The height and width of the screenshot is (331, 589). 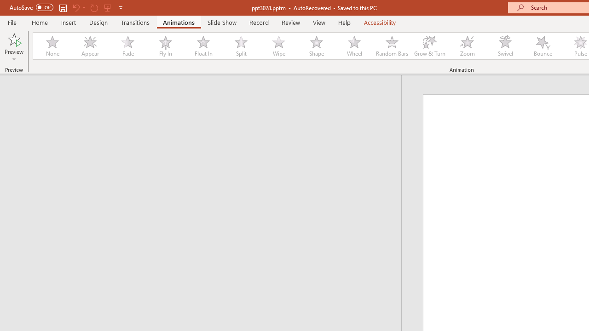 What do you see at coordinates (75, 7) in the screenshot?
I see `'Undo'` at bounding box center [75, 7].